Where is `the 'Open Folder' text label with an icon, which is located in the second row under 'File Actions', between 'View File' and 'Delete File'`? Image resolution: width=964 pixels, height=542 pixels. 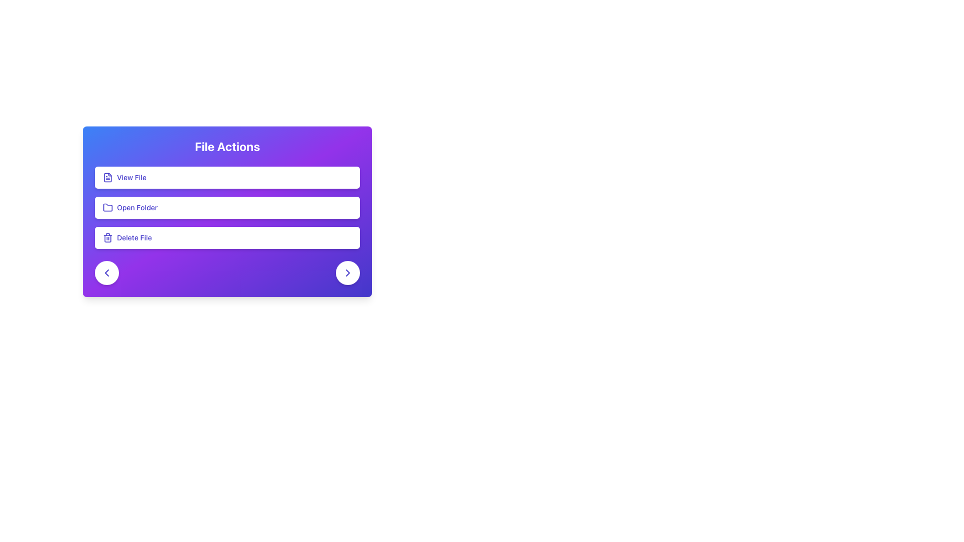 the 'Open Folder' text label with an icon, which is located in the second row under 'File Actions', between 'View File' and 'Delete File' is located at coordinates (130, 207).